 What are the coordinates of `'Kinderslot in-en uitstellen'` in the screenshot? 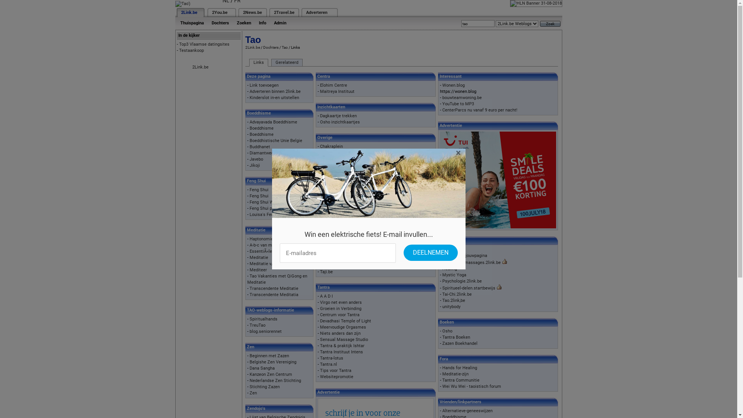 It's located at (274, 97).